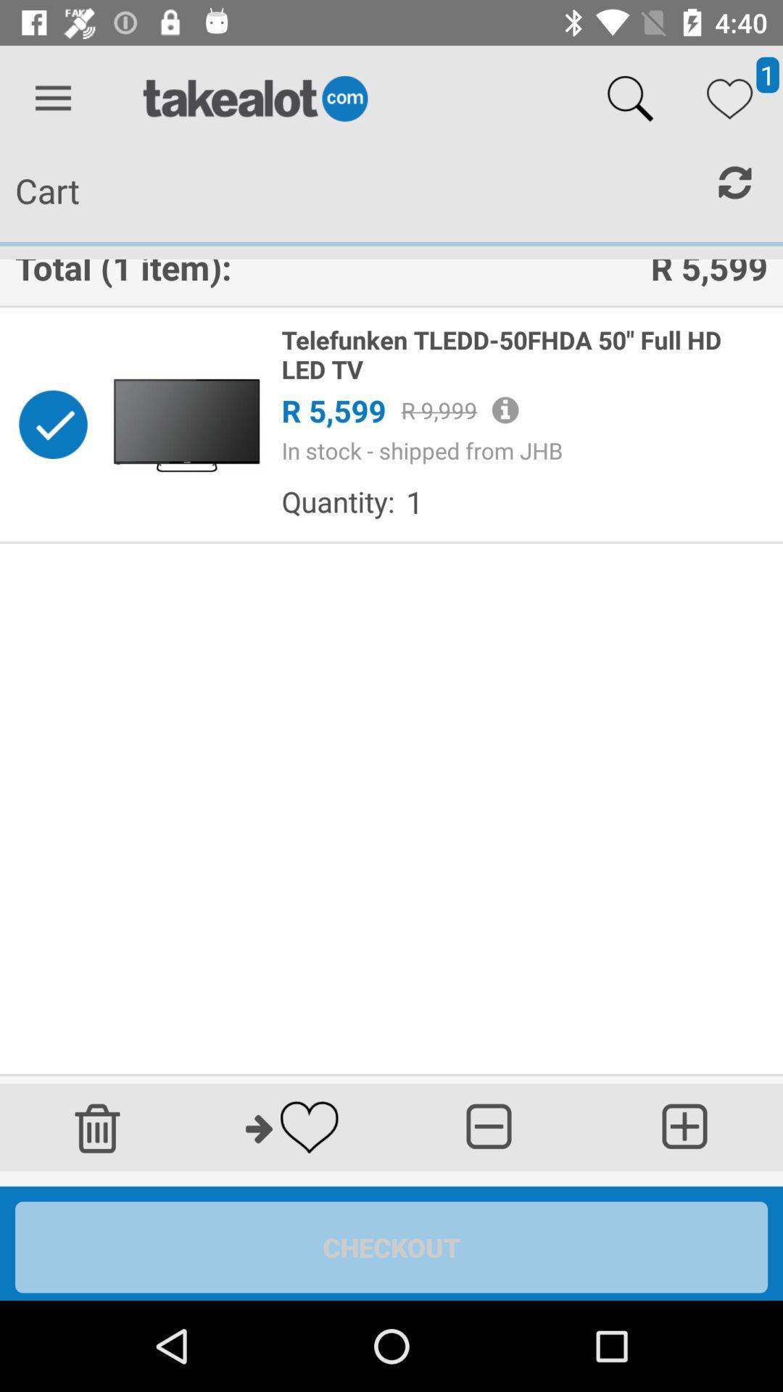 The image size is (783, 1392). Describe the element at coordinates (52, 98) in the screenshot. I see `the item above cart icon` at that location.